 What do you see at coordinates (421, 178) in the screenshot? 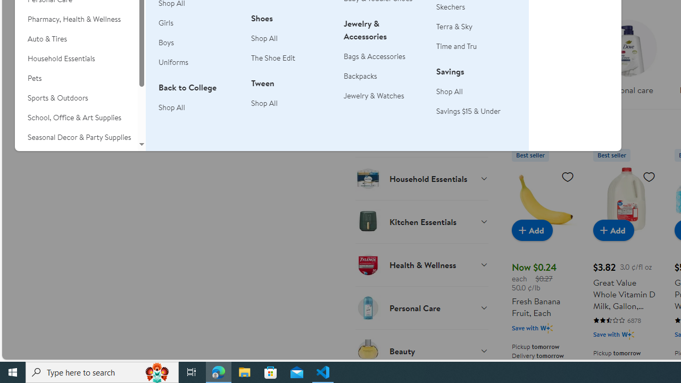
I see `'Household Essentials'` at bounding box center [421, 178].